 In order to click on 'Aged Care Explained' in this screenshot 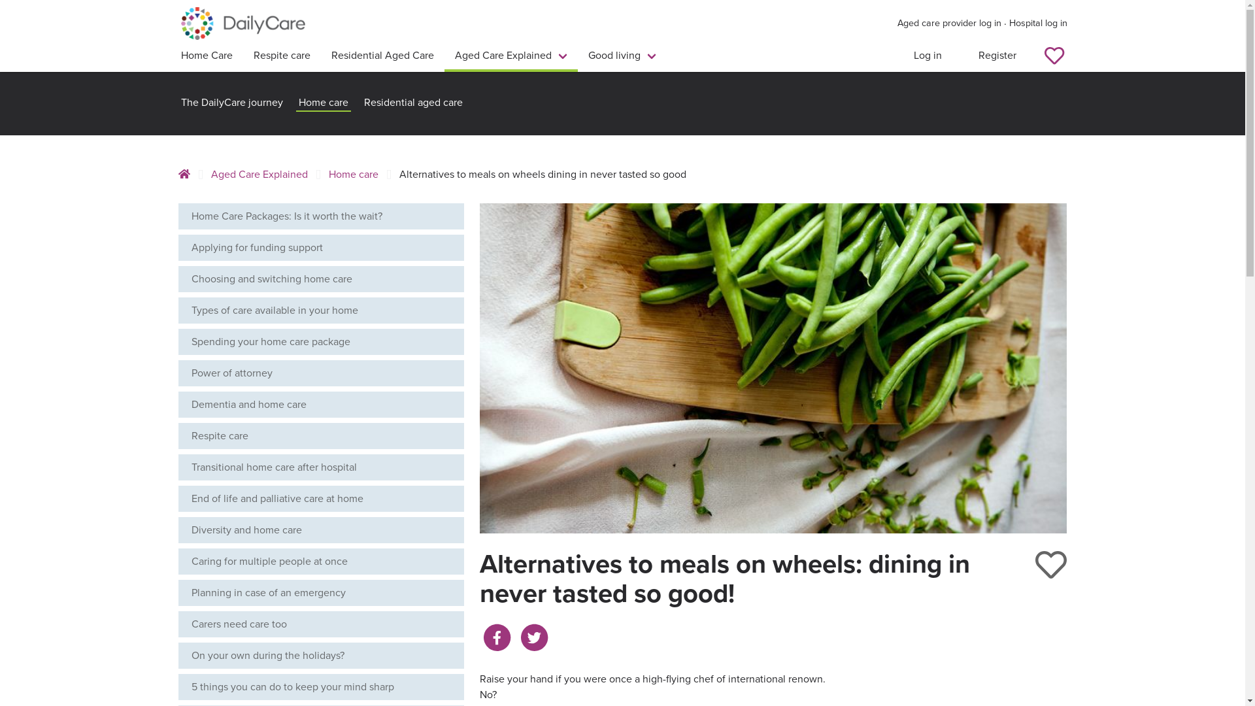, I will do `click(510, 56)`.